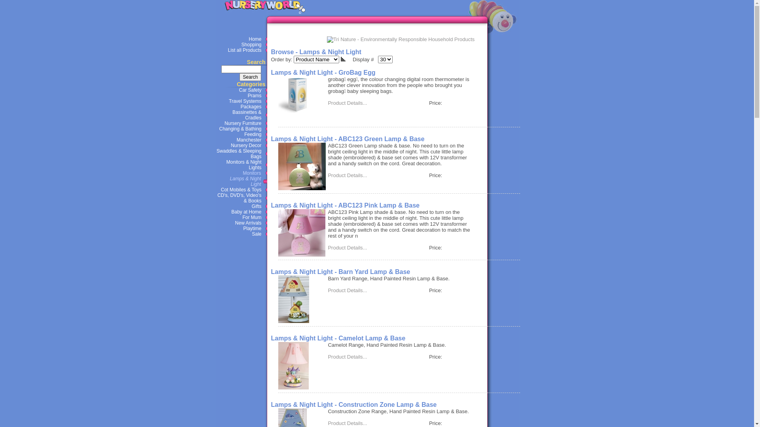 This screenshot has height=427, width=760. I want to click on 'Home', so click(241, 39).